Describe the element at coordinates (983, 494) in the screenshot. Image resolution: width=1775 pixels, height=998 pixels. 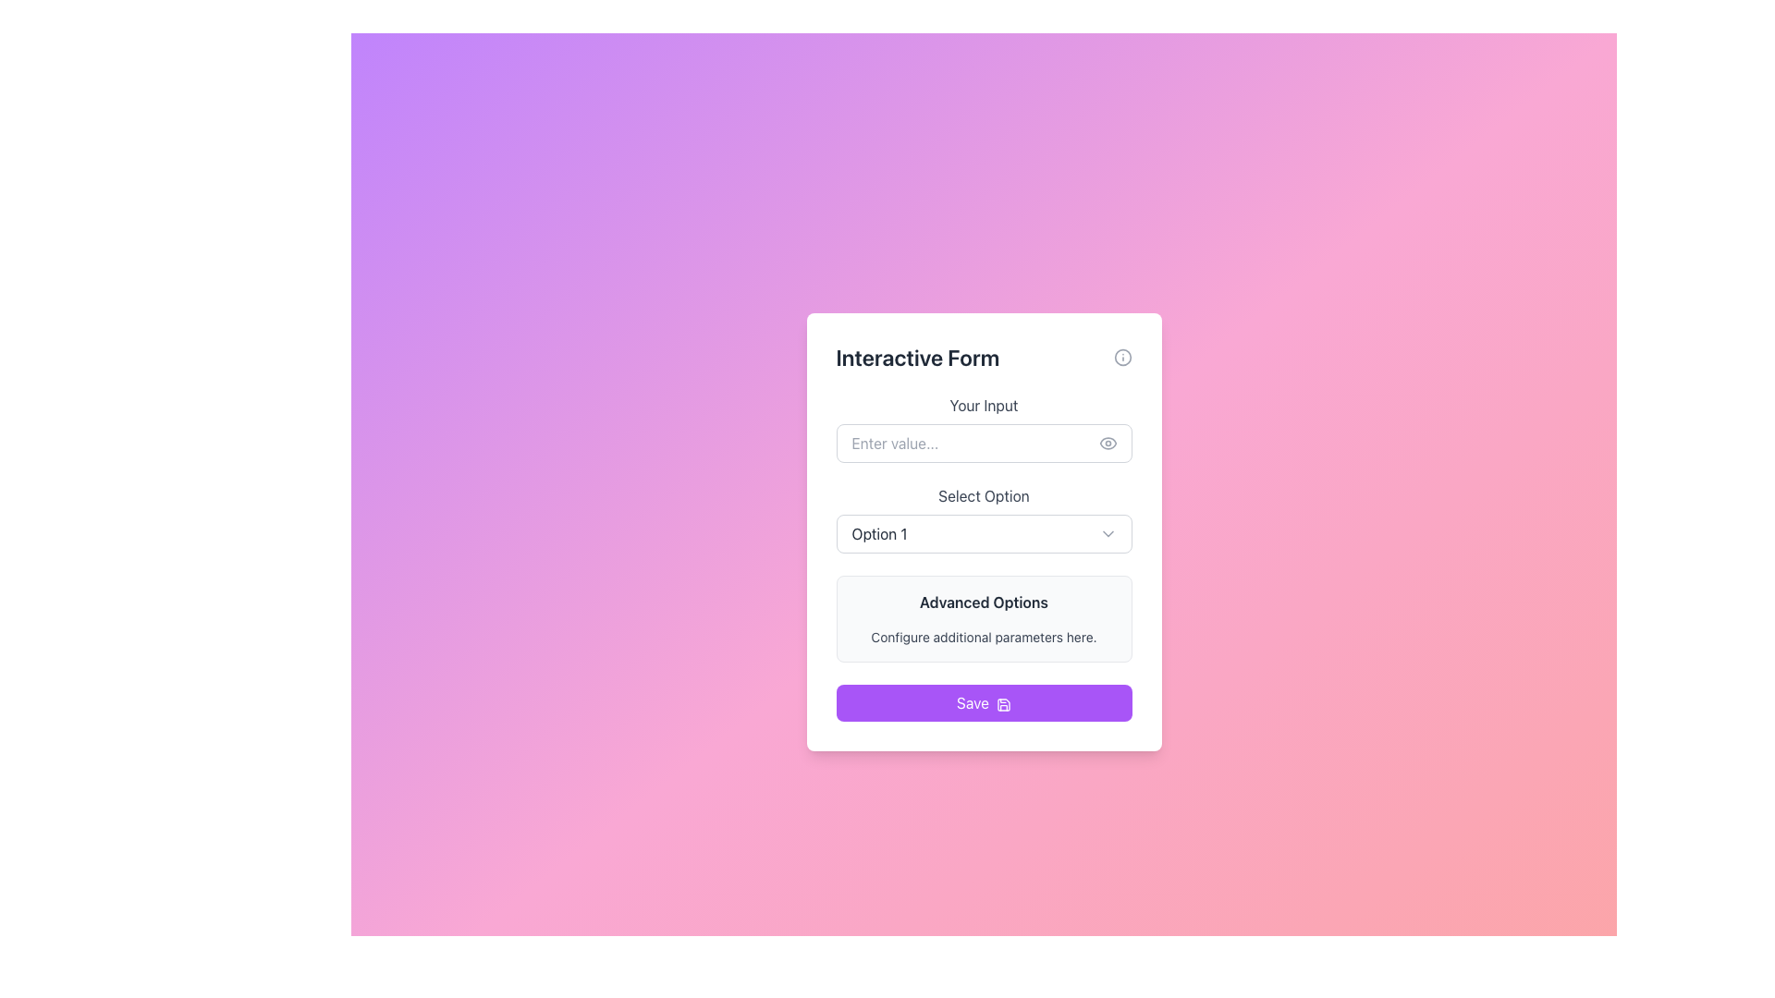
I see `the text label reading 'Select Option', which is gray and block styled, centered above the dropdown menu labeled 'Option 1'` at that location.